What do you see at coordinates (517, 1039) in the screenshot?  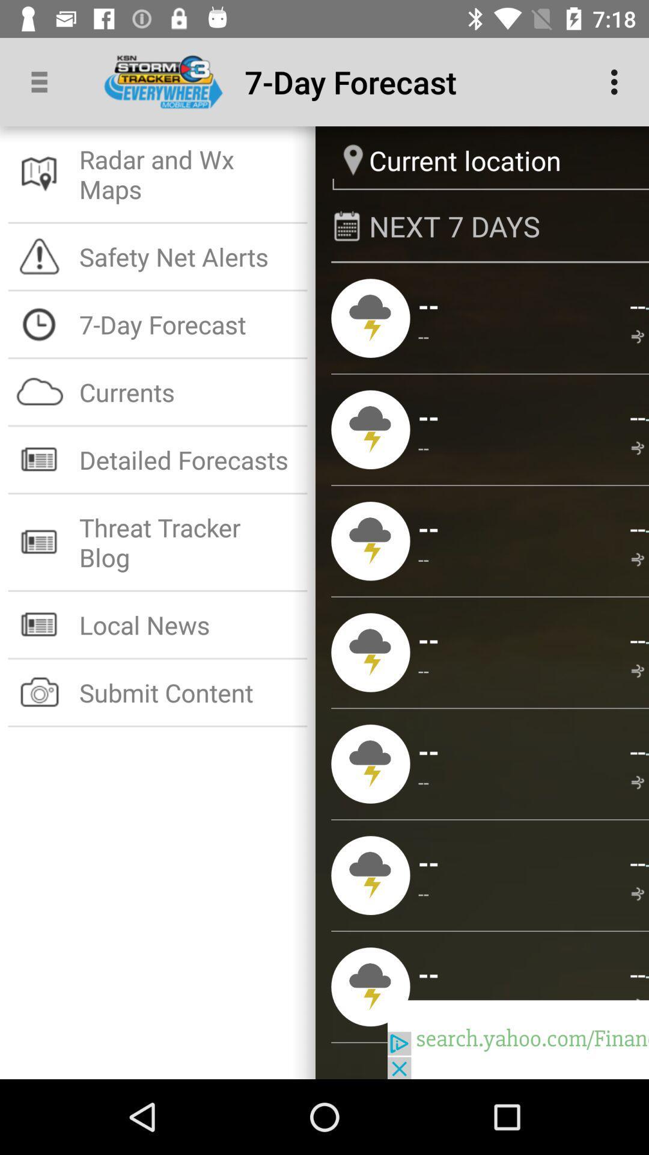 I see `search` at bounding box center [517, 1039].